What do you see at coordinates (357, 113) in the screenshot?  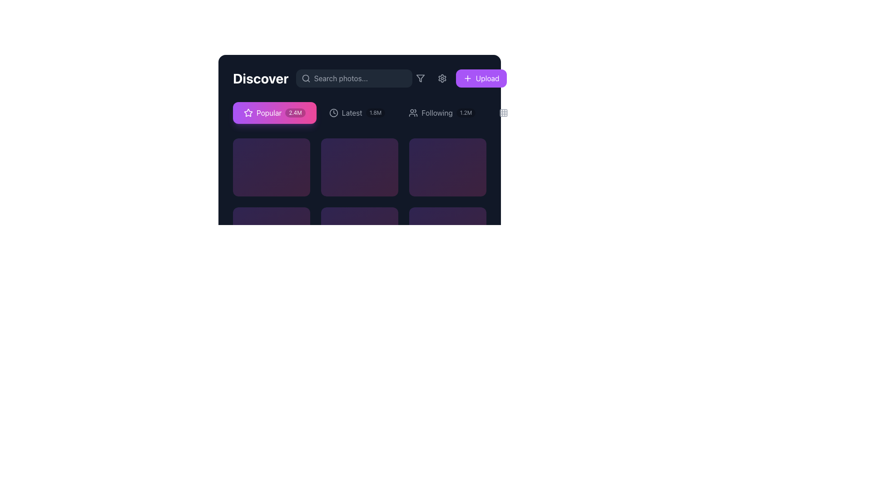 I see `the 'Latest' button with a clock icon` at bounding box center [357, 113].